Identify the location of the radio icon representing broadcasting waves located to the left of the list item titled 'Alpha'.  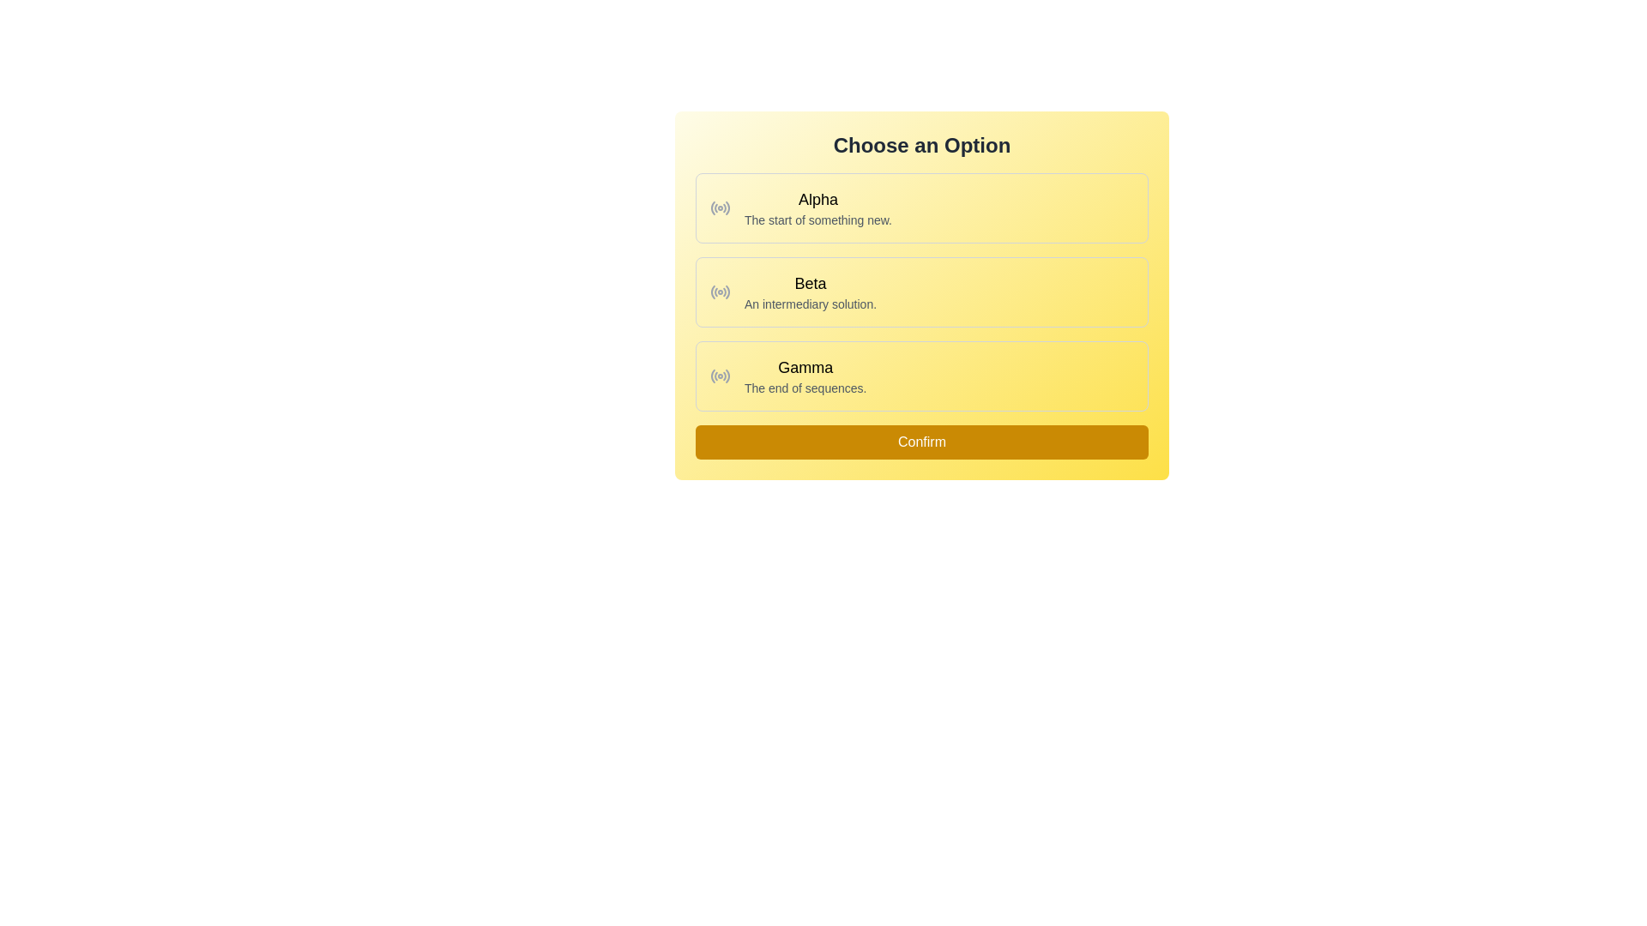
(721, 207).